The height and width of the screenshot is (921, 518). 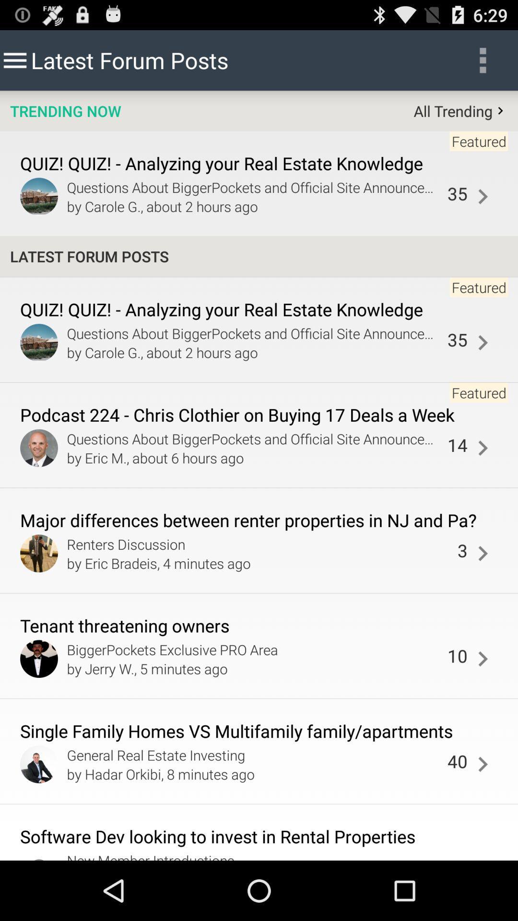 I want to click on the renters discussion, so click(x=259, y=544).